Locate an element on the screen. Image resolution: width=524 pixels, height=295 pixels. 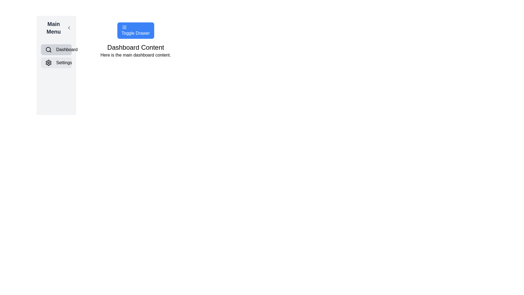
the left-facing chevron icon in the main menu sidebar, located directly below the 'Main Menu' title text is located at coordinates (69, 28).